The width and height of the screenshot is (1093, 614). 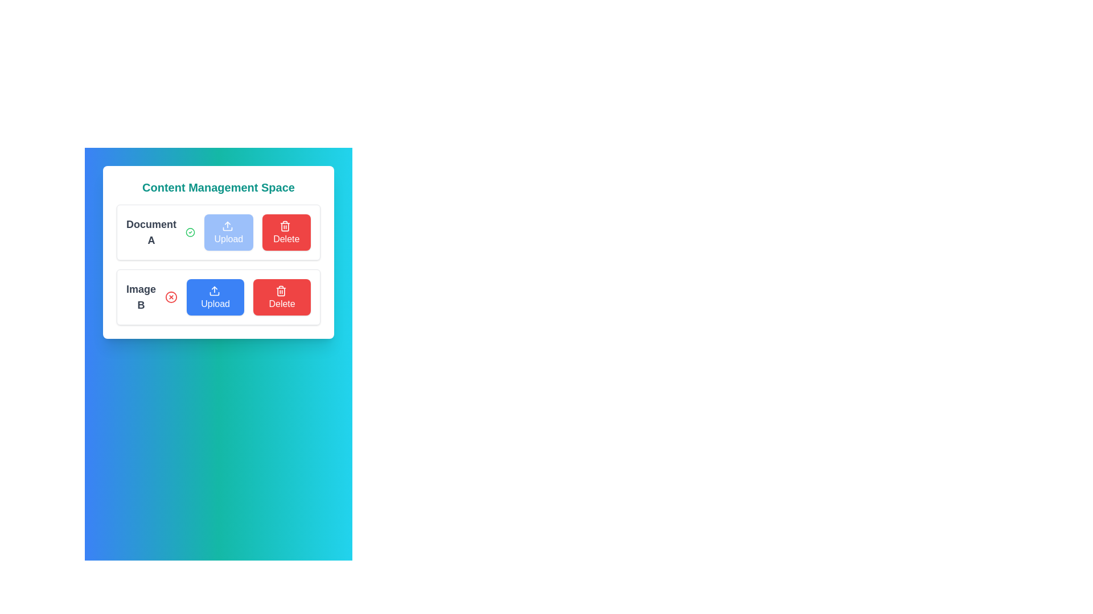 What do you see at coordinates (171, 297) in the screenshot?
I see `the 'Not Uploaded' icon for 'Image B', which is visually represented in red and located to the left of the 'Upload' button` at bounding box center [171, 297].